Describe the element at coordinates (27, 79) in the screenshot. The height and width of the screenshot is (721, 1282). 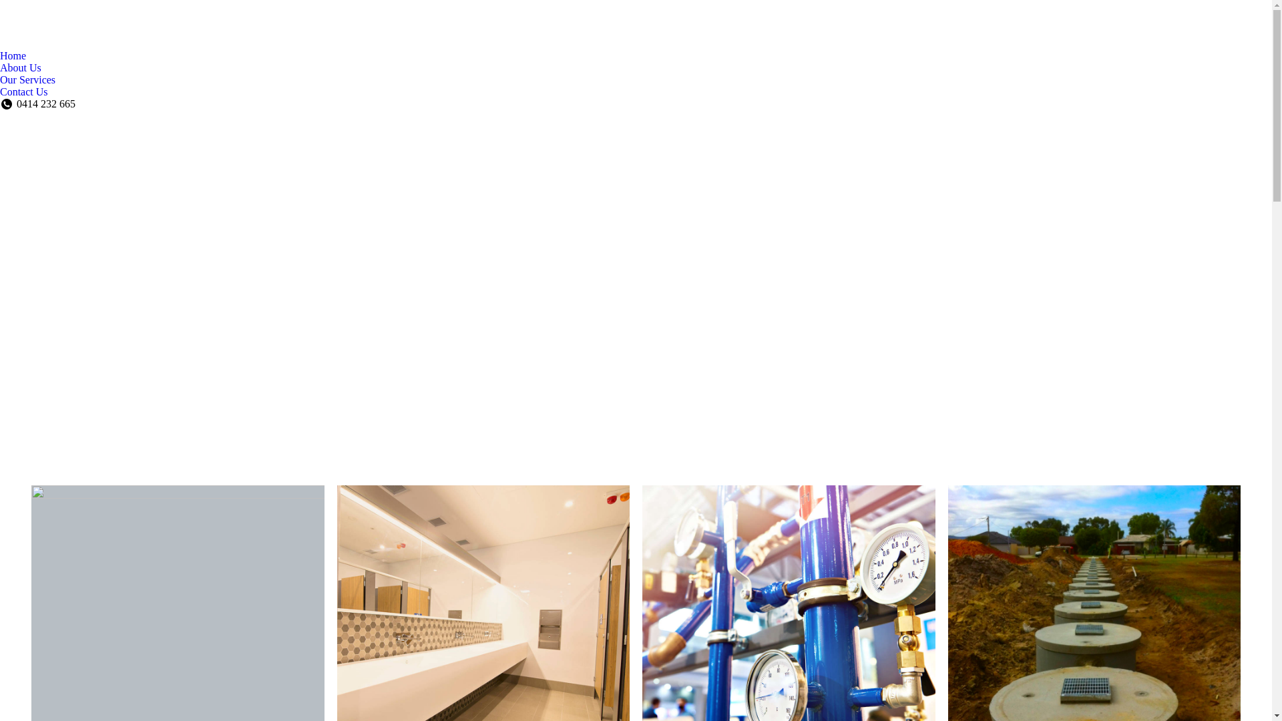
I see `'Our Services'` at that location.